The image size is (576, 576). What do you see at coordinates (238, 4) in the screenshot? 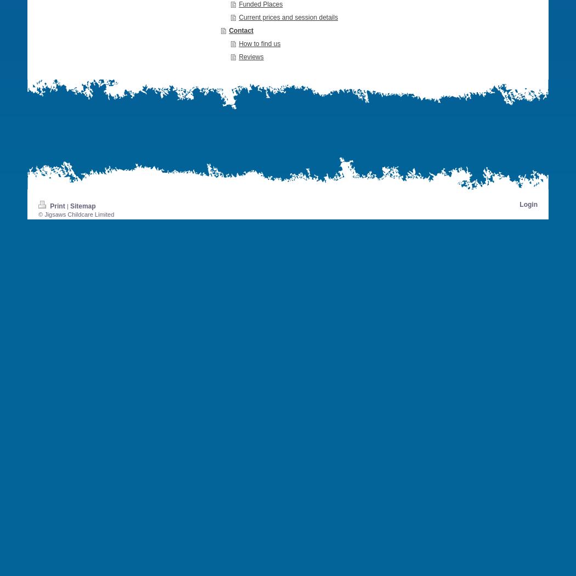
I see `'Funded Places'` at bounding box center [238, 4].